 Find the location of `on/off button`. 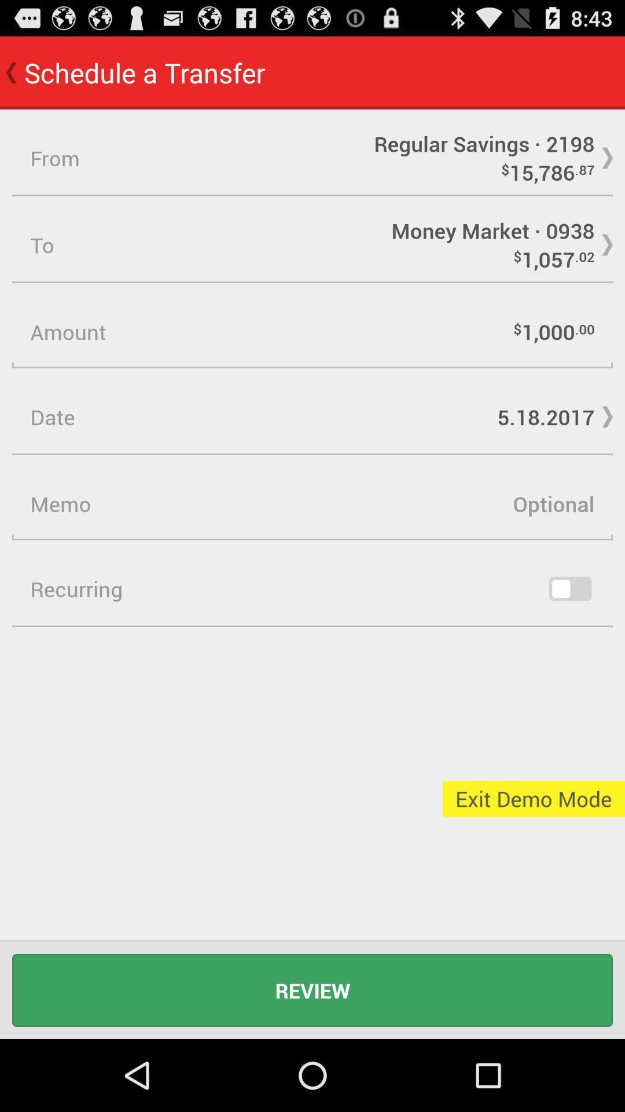

on/off button is located at coordinates (569, 589).